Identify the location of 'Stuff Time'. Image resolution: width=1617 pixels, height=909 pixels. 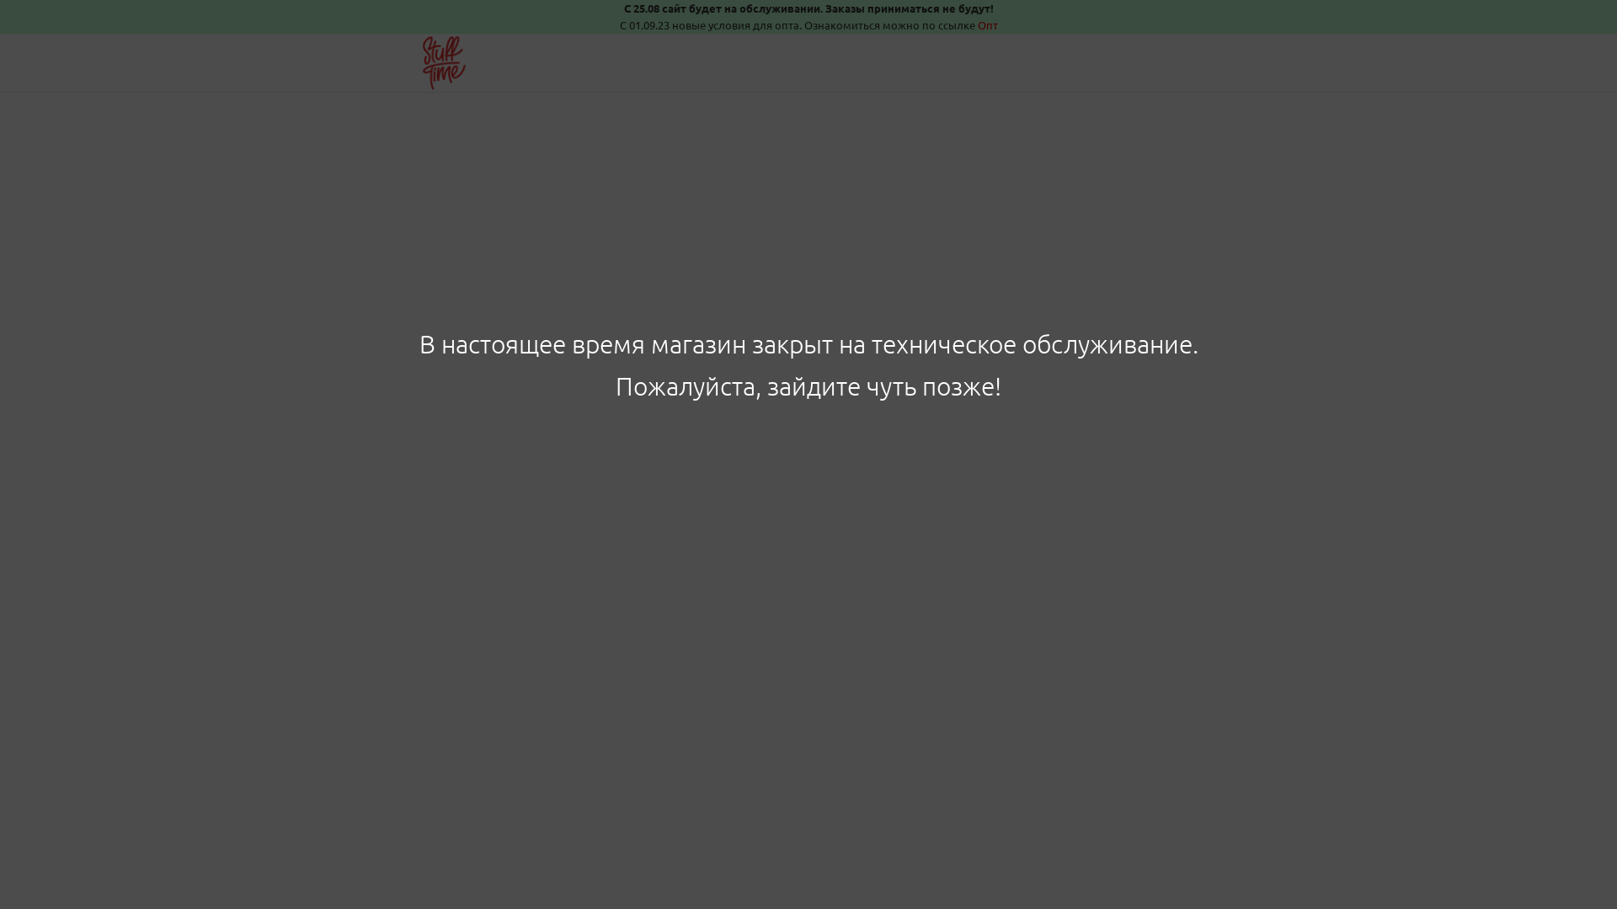
(412, 61).